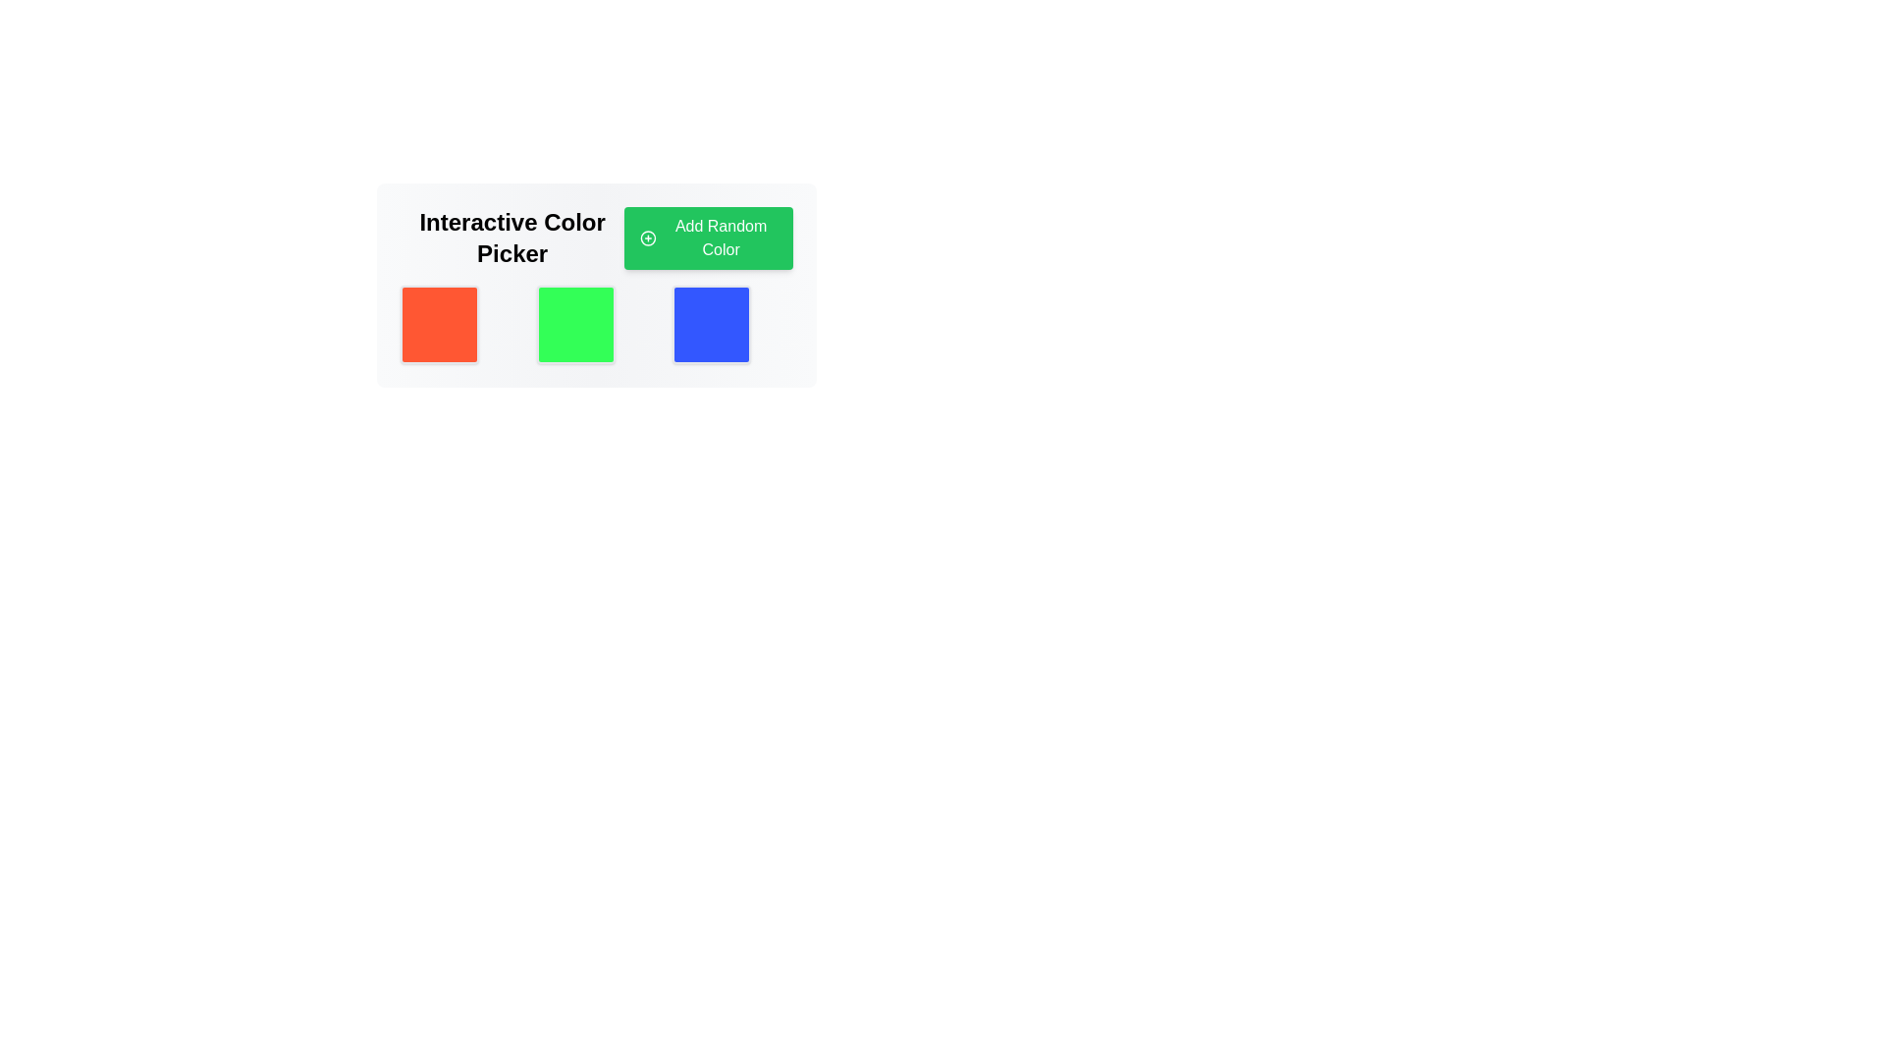 Image resolution: width=1885 pixels, height=1060 pixels. Describe the element at coordinates (708, 238) in the screenshot. I see `the 'Add Random Color' button, which is a vibrant green rectangular button with white text and a circular plus icon` at that location.